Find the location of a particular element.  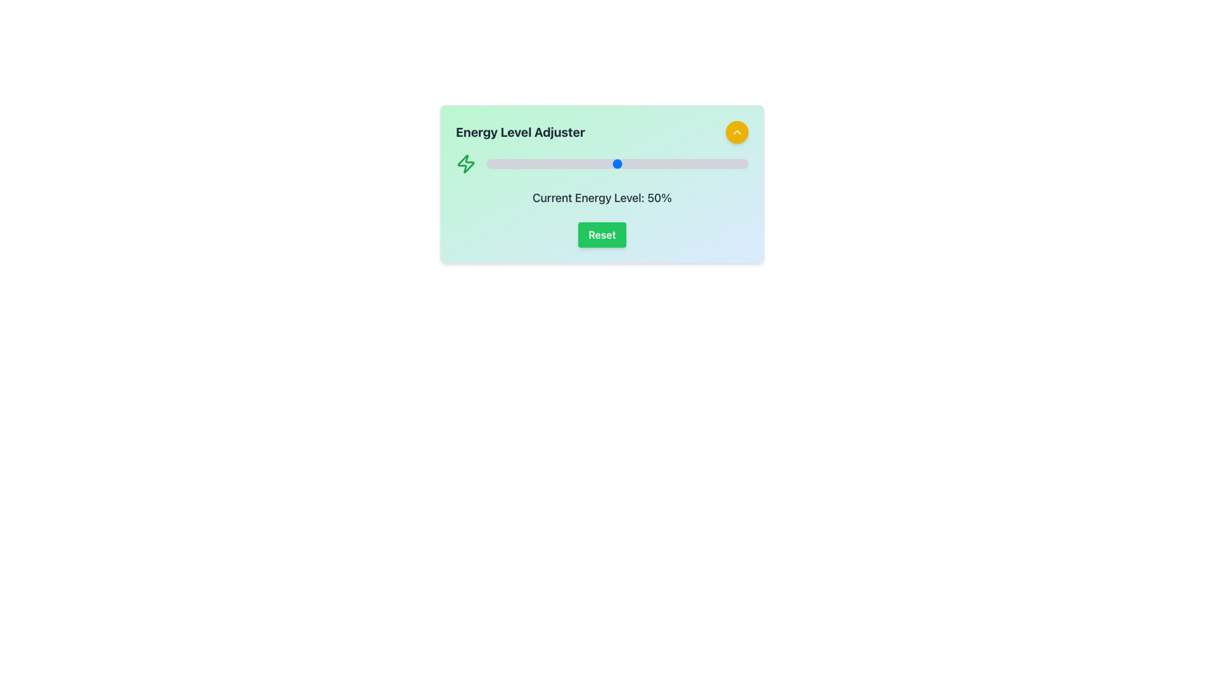

the energy level is located at coordinates (517, 163).